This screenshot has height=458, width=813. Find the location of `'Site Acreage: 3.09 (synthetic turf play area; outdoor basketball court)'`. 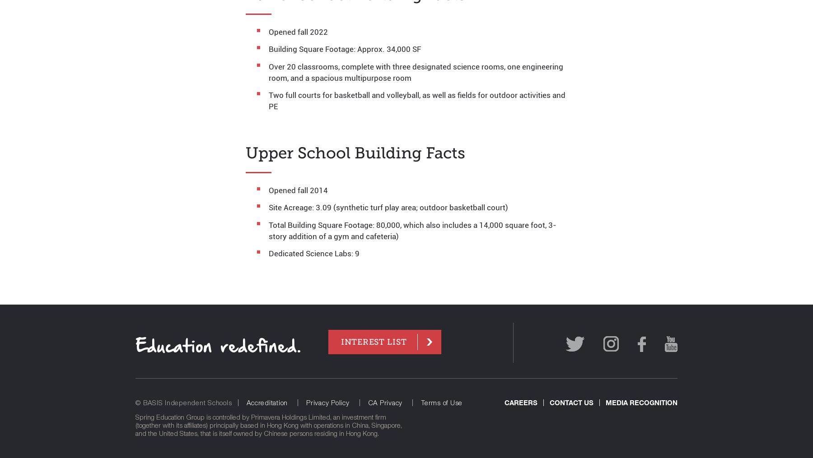

'Site Acreage: 3.09 (synthetic turf play area; outdoor basketball court)' is located at coordinates (388, 207).